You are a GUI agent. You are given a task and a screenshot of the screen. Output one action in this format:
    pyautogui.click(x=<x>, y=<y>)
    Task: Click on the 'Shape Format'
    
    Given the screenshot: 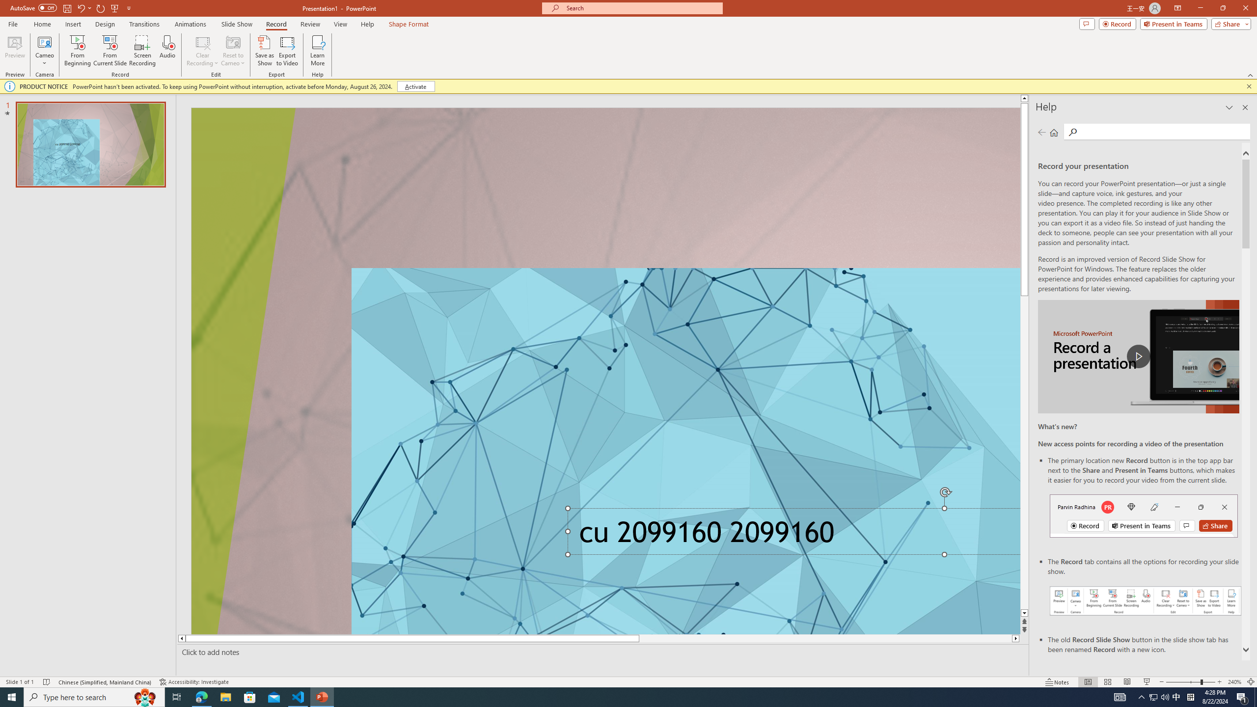 What is the action you would take?
    pyautogui.click(x=409, y=24)
    